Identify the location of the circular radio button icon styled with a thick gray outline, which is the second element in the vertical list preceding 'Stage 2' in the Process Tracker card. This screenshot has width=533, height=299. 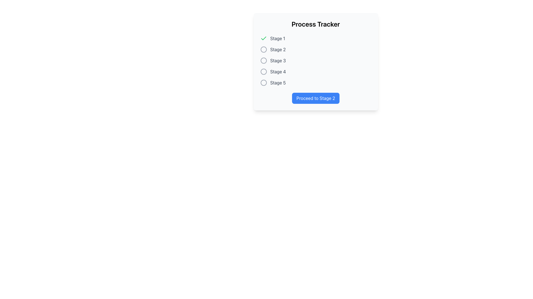
(263, 49).